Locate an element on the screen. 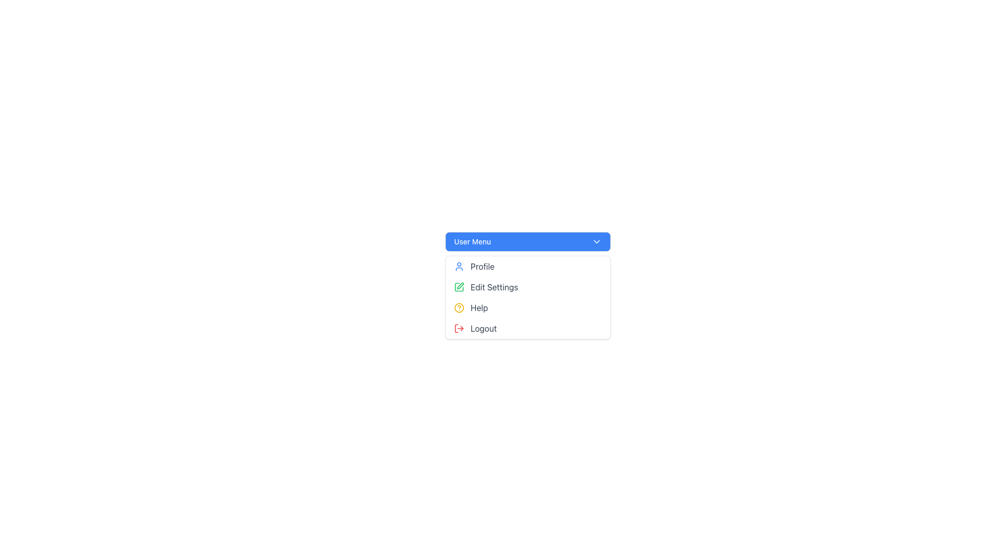 The height and width of the screenshot is (558, 993). the dropdown menu activator button located at the top center-left of the menu is located at coordinates (528, 241).